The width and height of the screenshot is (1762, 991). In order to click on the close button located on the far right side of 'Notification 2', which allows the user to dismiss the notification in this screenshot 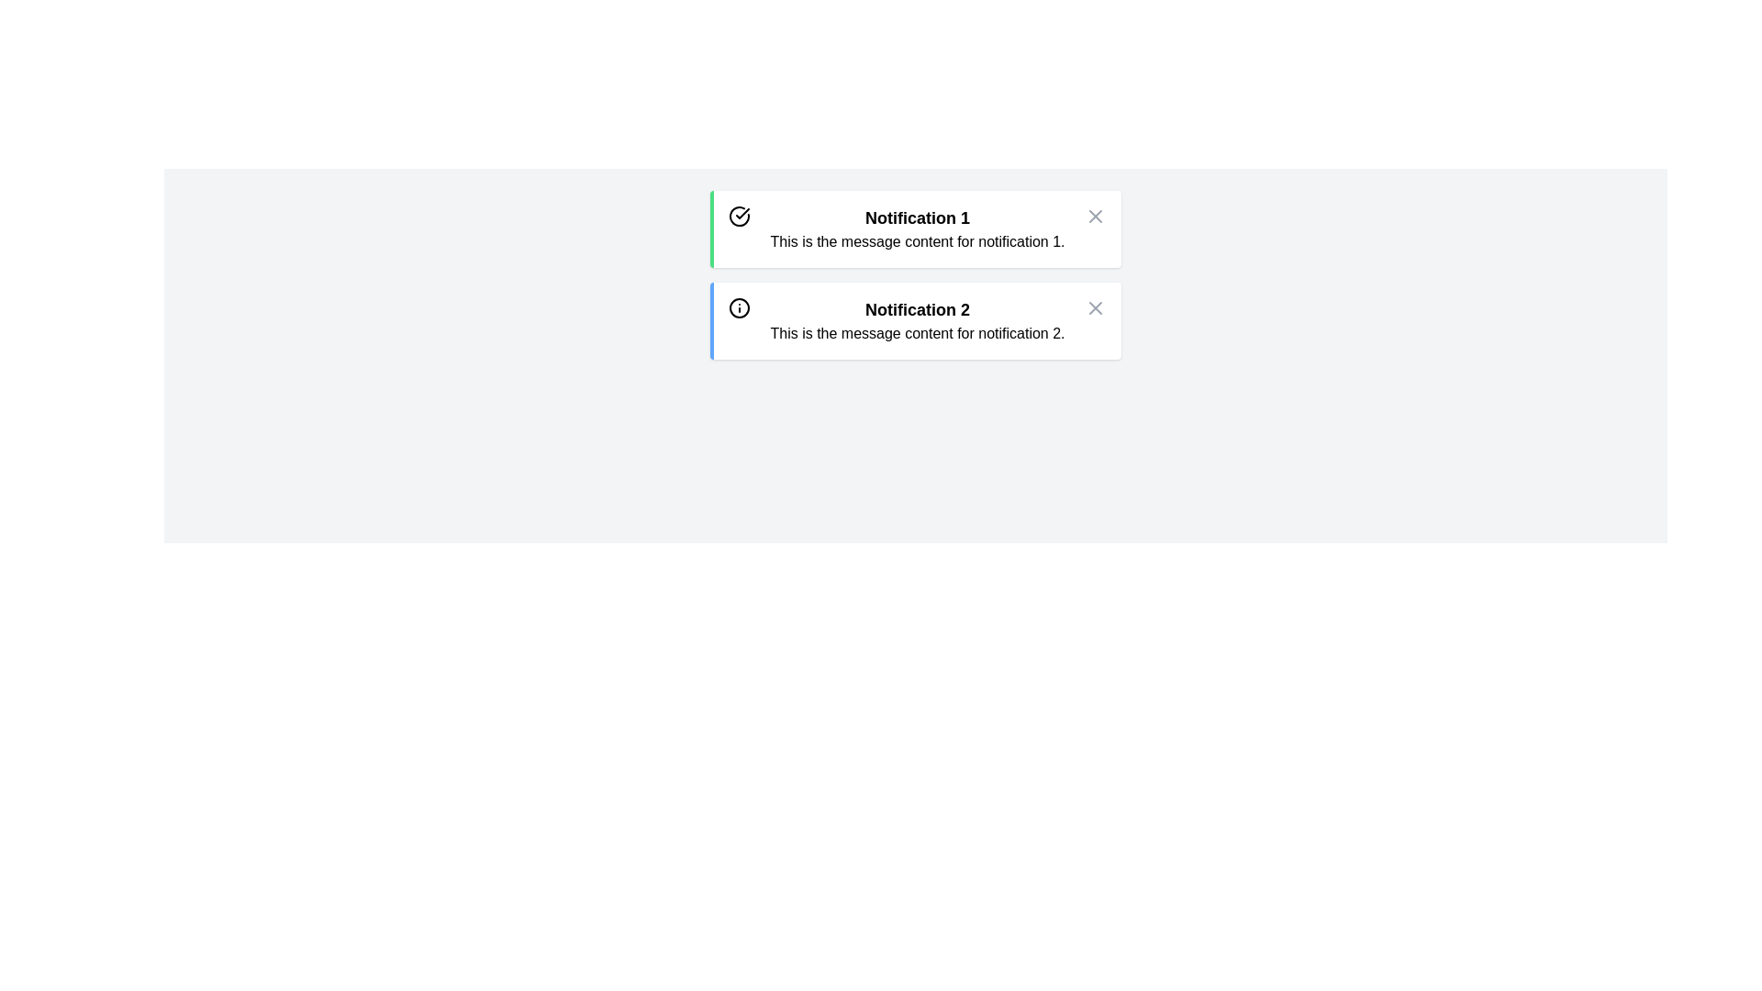, I will do `click(1096, 306)`.